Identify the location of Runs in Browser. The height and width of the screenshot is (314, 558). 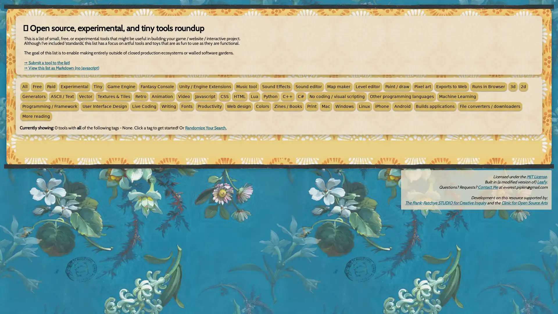
(488, 86).